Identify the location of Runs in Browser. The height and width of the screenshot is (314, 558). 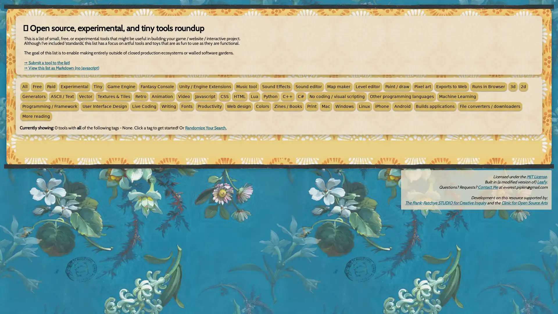
(488, 86).